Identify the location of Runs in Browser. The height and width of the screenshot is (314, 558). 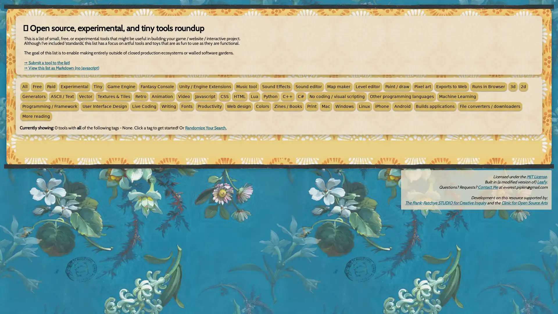
(488, 86).